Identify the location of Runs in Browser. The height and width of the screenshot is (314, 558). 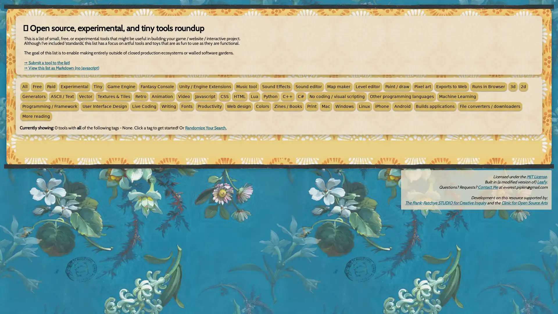
(488, 86).